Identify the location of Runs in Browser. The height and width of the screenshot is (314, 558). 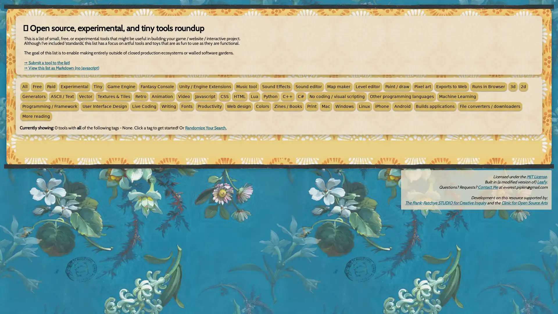
(488, 86).